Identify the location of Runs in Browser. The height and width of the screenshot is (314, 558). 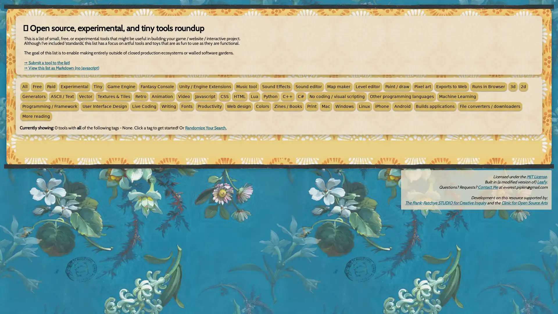
(488, 86).